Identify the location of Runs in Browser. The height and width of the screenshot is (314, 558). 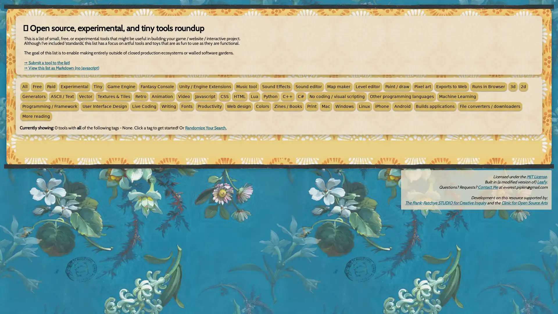
(488, 86).